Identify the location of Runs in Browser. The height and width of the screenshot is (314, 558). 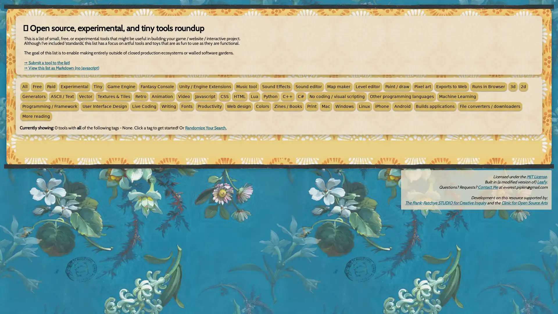
(488, 86).